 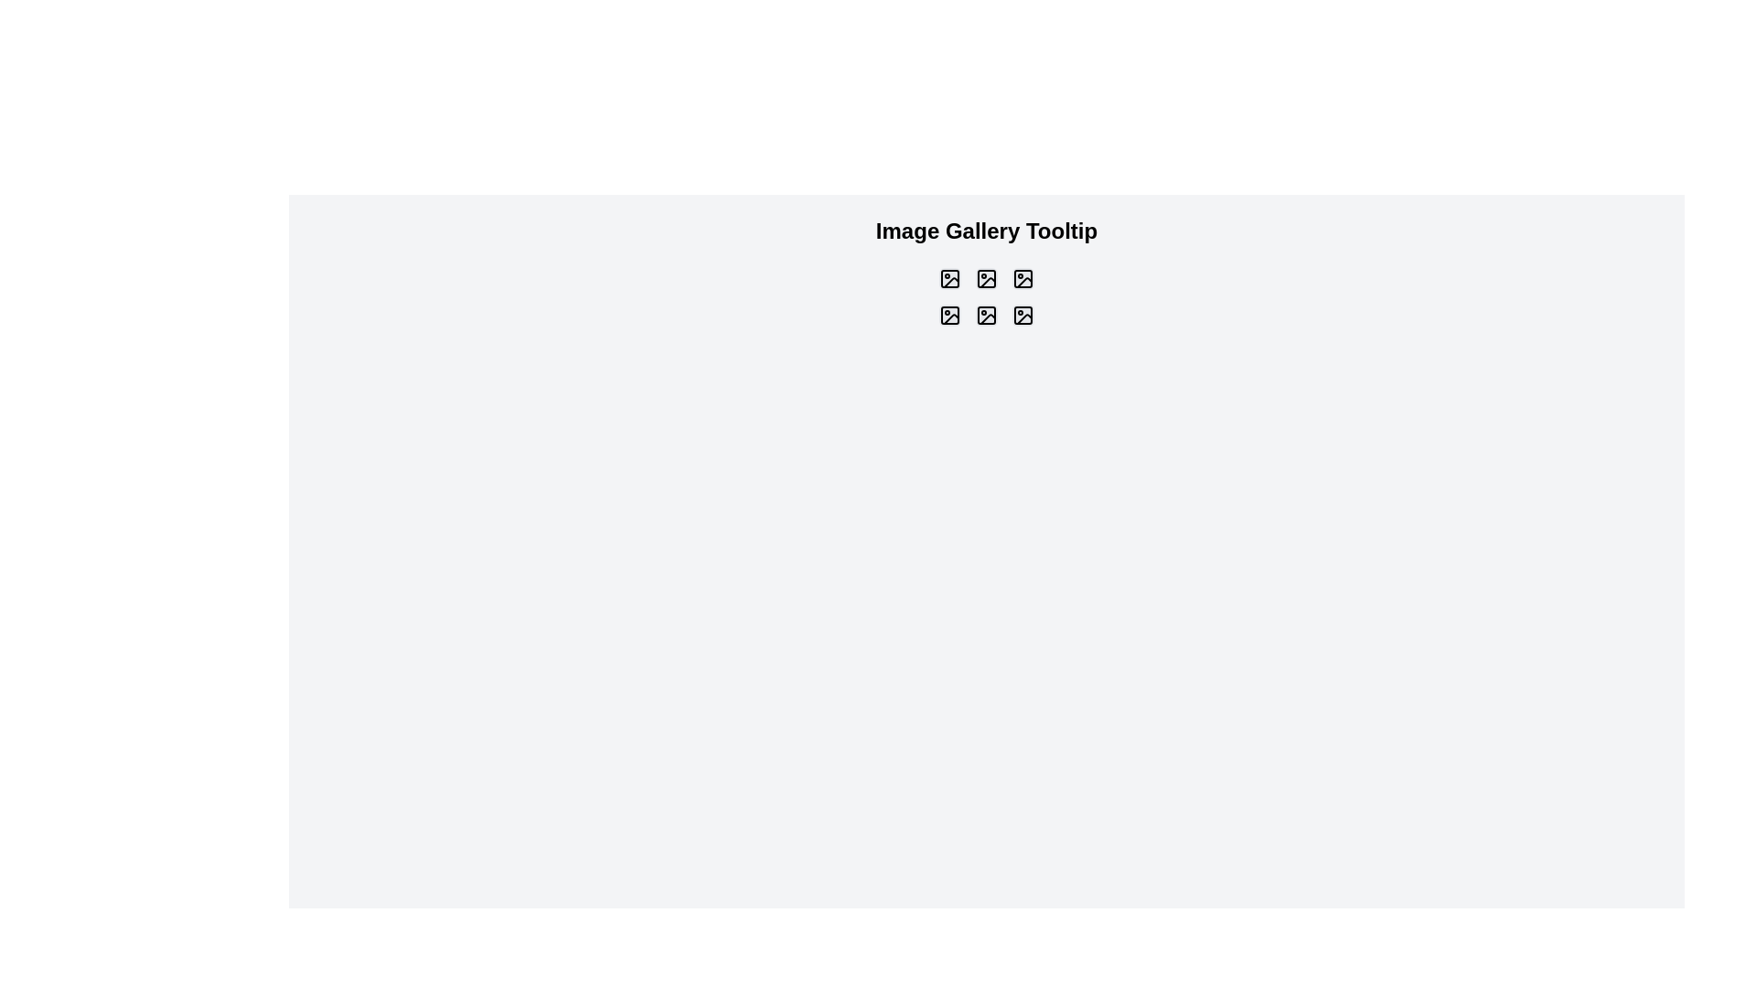 What do you see at coordinates (986, 314) in the screenshot?
I see `graphical placeholder or icon located in the second row and second column of the grid layout under the 'Image Gallery Tooltip' title` at bounding box center [986, 314].